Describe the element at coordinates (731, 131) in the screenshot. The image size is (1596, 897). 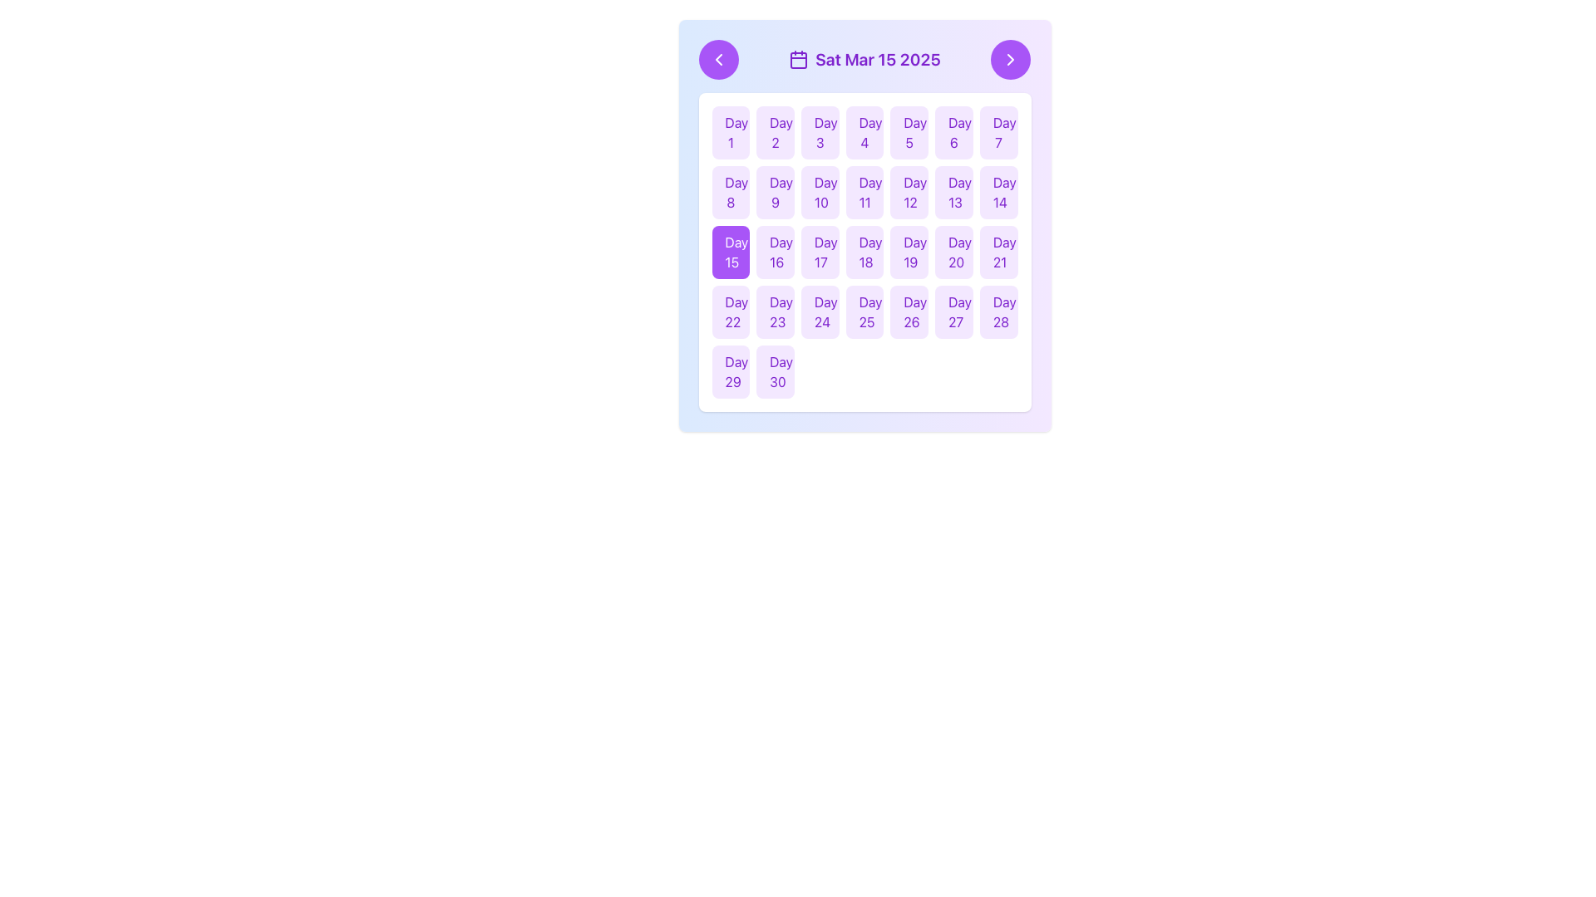
I see `the rectangular button with rounded corners labeled 'Day 1' in bold purple font, positioned at the top-left corner of the calendar grid interface` at that location.